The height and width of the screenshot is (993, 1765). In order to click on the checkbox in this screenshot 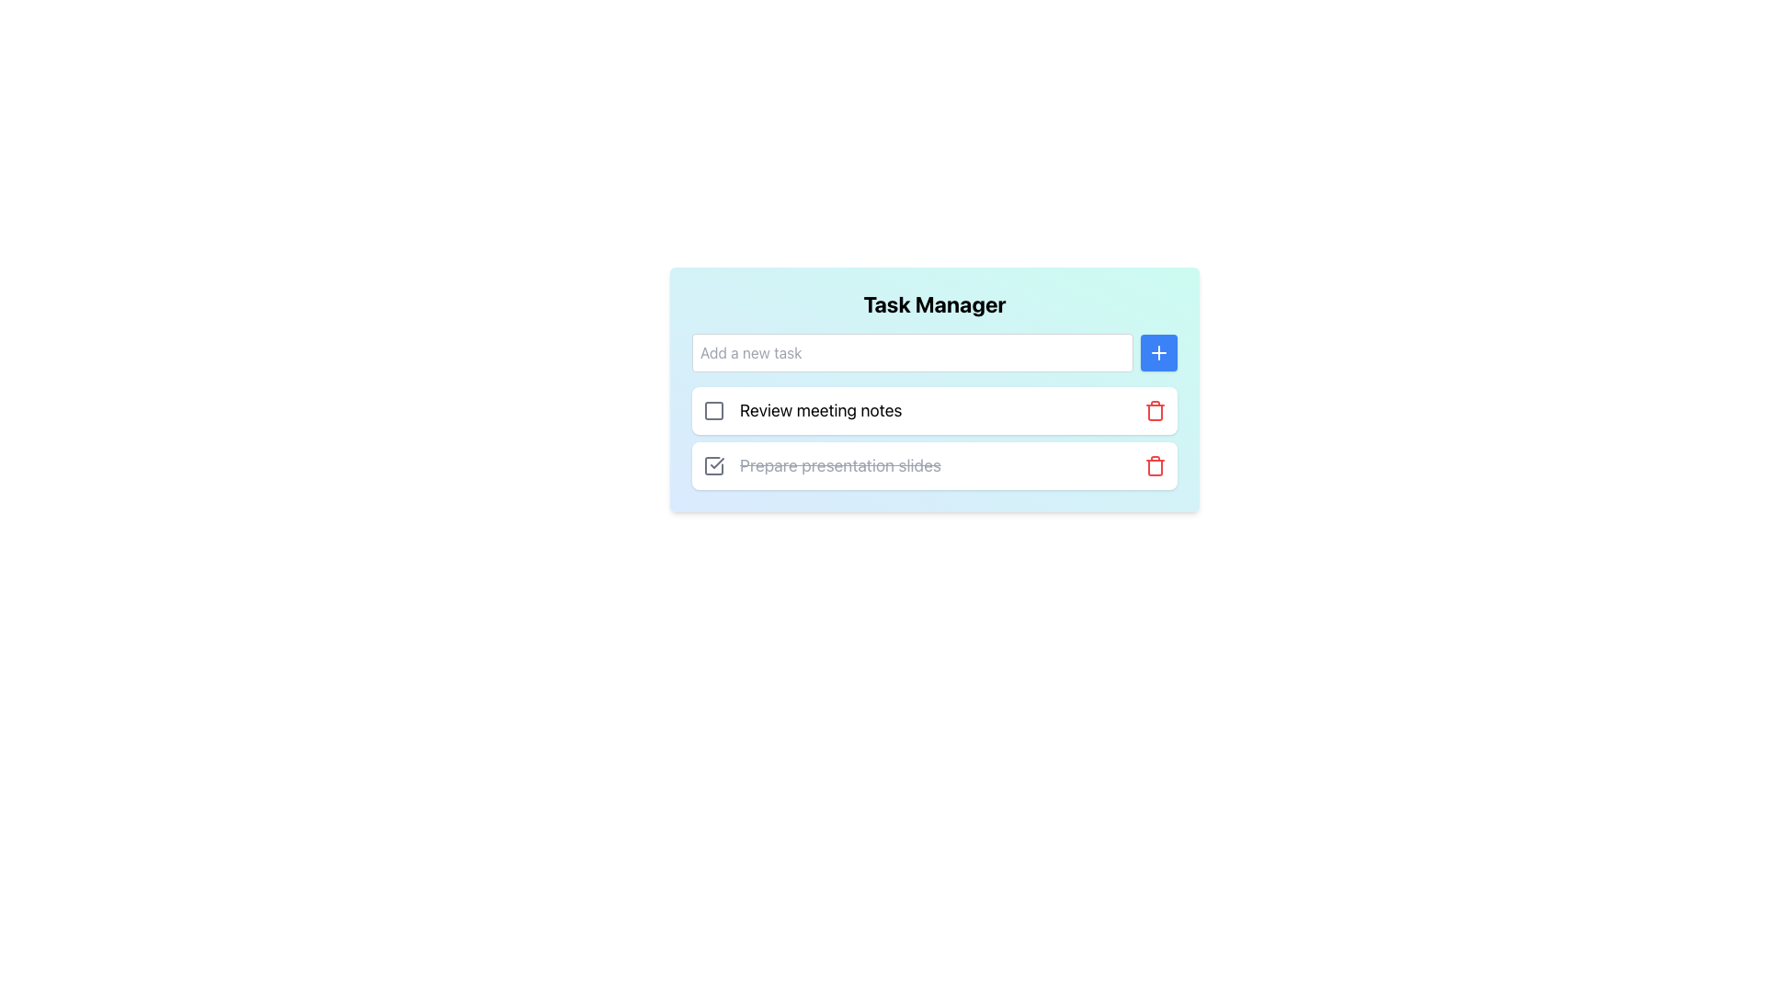, I will do `click(713, 464)`.